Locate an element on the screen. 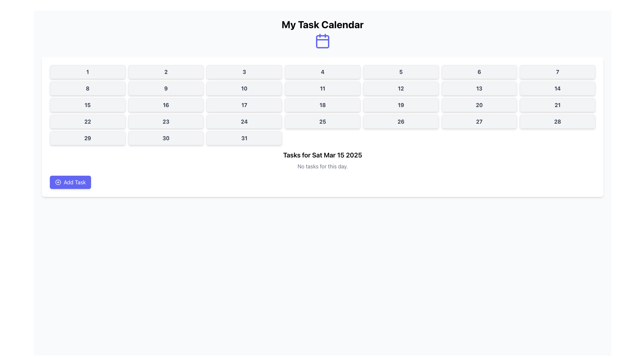 The width and height of the screenshot is (638, 358). the rectangular button labeled '10' with rounded corners and a light gray background is located at coordinates (244, 88).